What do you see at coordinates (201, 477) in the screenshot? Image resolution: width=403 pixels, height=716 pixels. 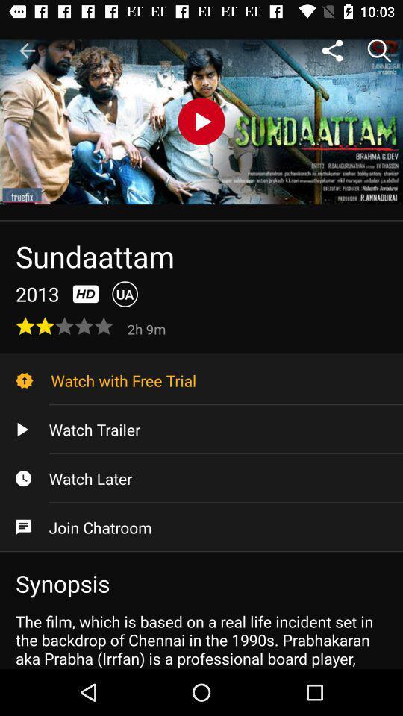 I see `watch later` at bounding box center [201, 477].